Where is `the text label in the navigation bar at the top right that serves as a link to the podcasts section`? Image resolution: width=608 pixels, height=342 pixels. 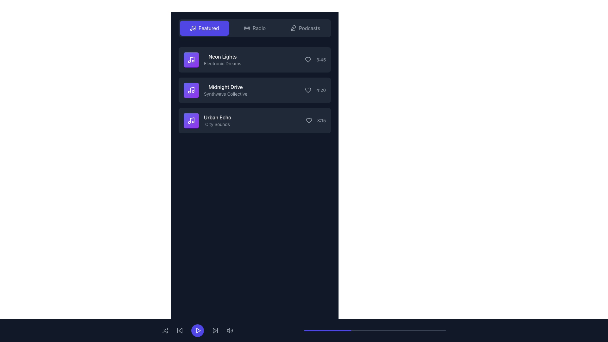 the text label in the navigation bar at the top right that serves as a link to the podcasts section is located at coordinates (309, 28).